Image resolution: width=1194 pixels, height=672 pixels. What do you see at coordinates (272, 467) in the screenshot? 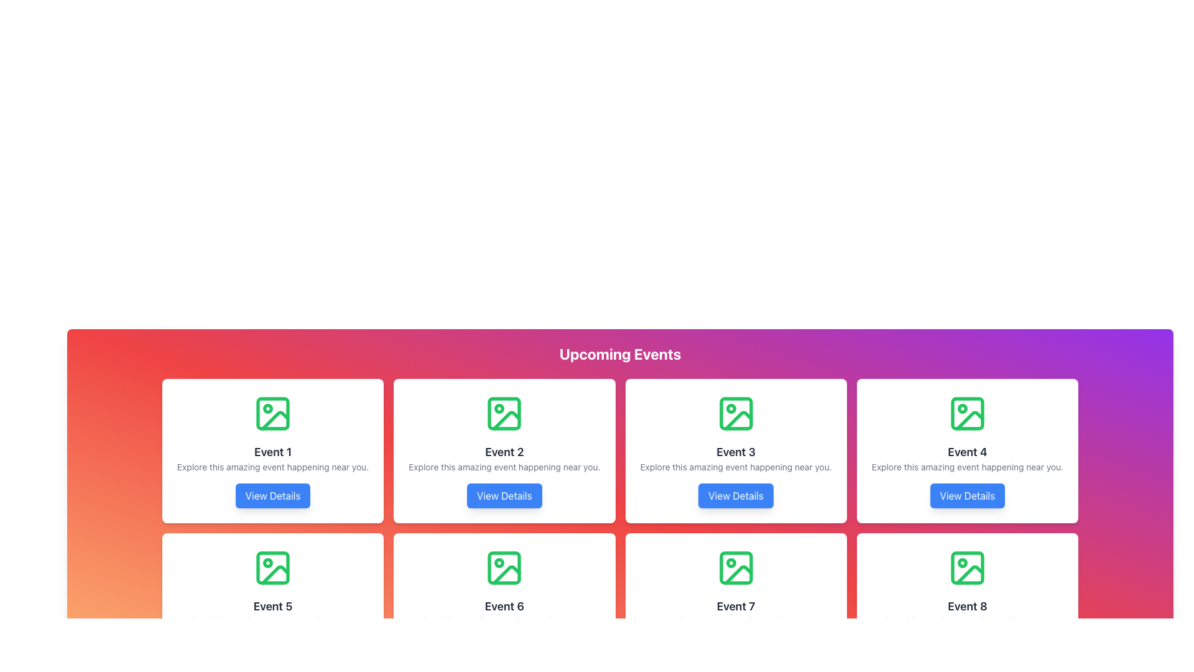
I see `the text 'Explore this amazing event happening near you.' located within the card labeled 'Event 1'` at bounding box center [272, 467].